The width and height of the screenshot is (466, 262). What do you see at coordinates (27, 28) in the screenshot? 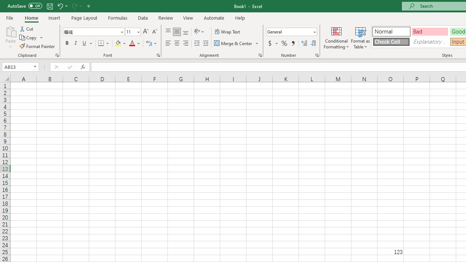
I see `'Cut'` at bounding box center [27, 28].